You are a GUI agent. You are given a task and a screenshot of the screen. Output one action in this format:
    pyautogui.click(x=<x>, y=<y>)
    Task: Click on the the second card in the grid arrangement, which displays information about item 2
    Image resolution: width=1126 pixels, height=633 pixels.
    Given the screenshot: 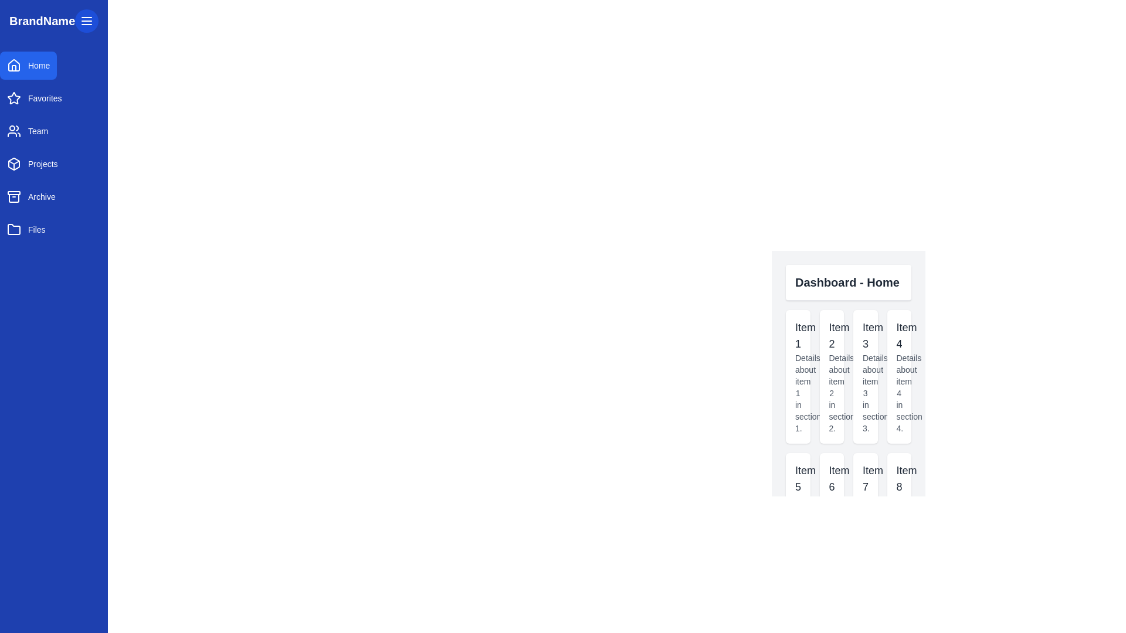 What is the action you would take?
    pyautogui.click(x=831, y=377)
    